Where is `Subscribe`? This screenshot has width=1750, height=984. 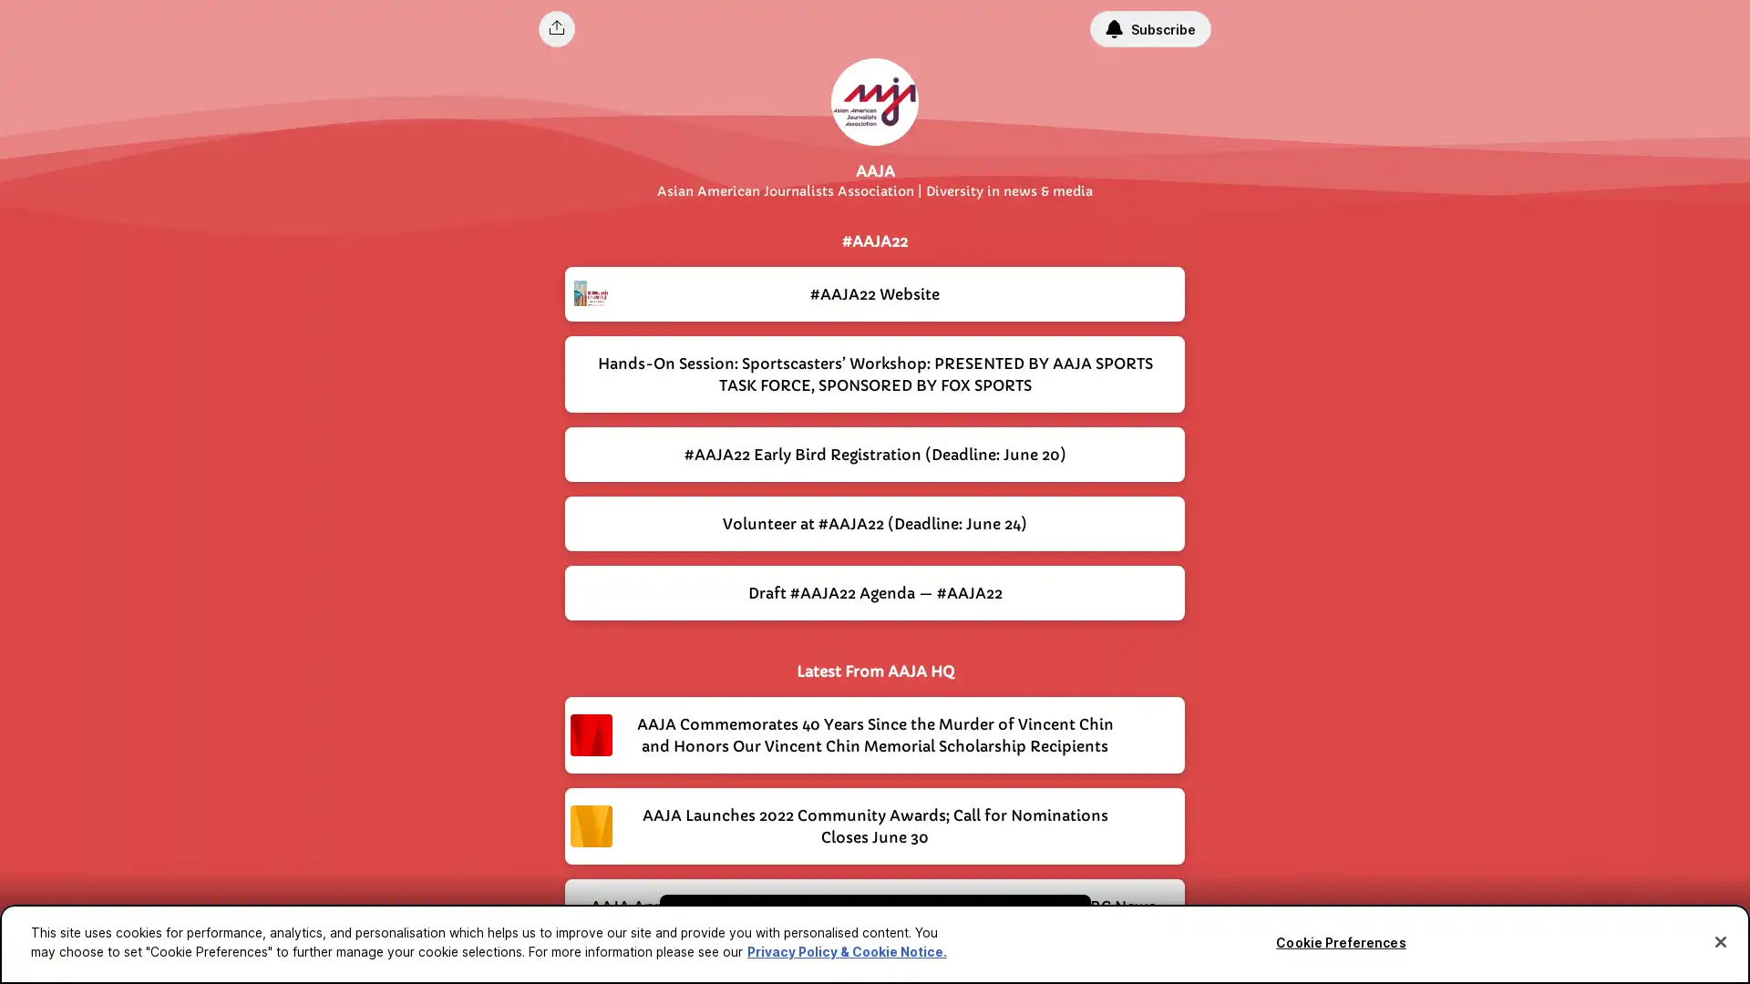 Subscribe is located at coordinates (1149, 28).